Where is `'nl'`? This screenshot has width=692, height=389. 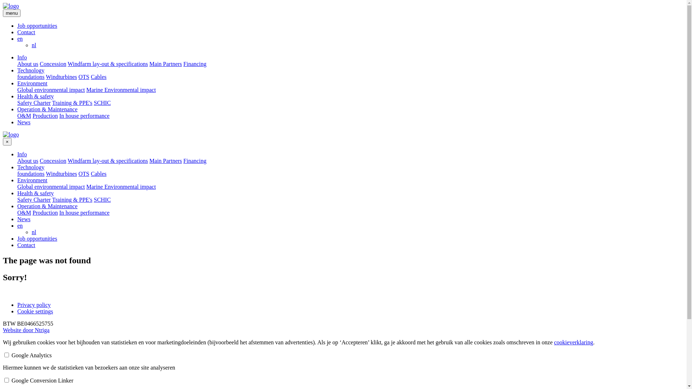 'nl' is located at coordinates (31, 232).